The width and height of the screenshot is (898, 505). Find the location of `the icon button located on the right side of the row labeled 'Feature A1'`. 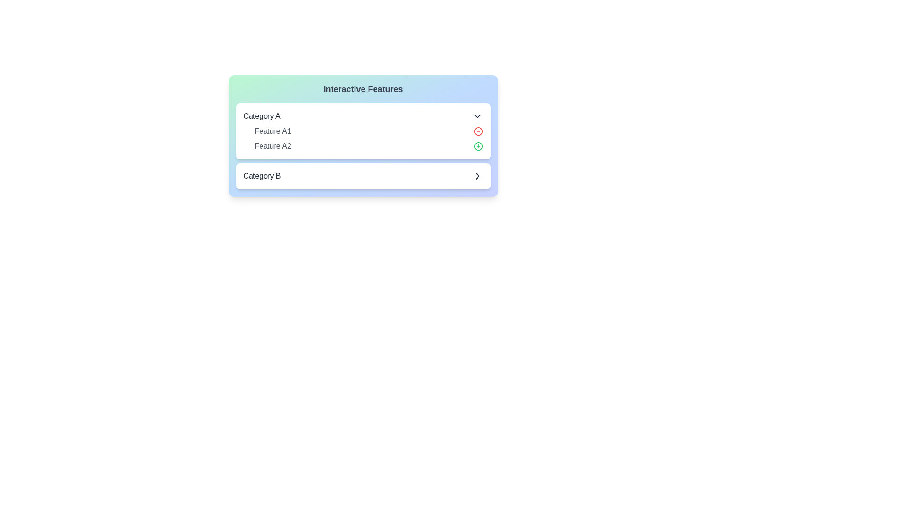

the icon button located on the right side of the row labeled 'Feature A1' is located at coordinates (478, 131).